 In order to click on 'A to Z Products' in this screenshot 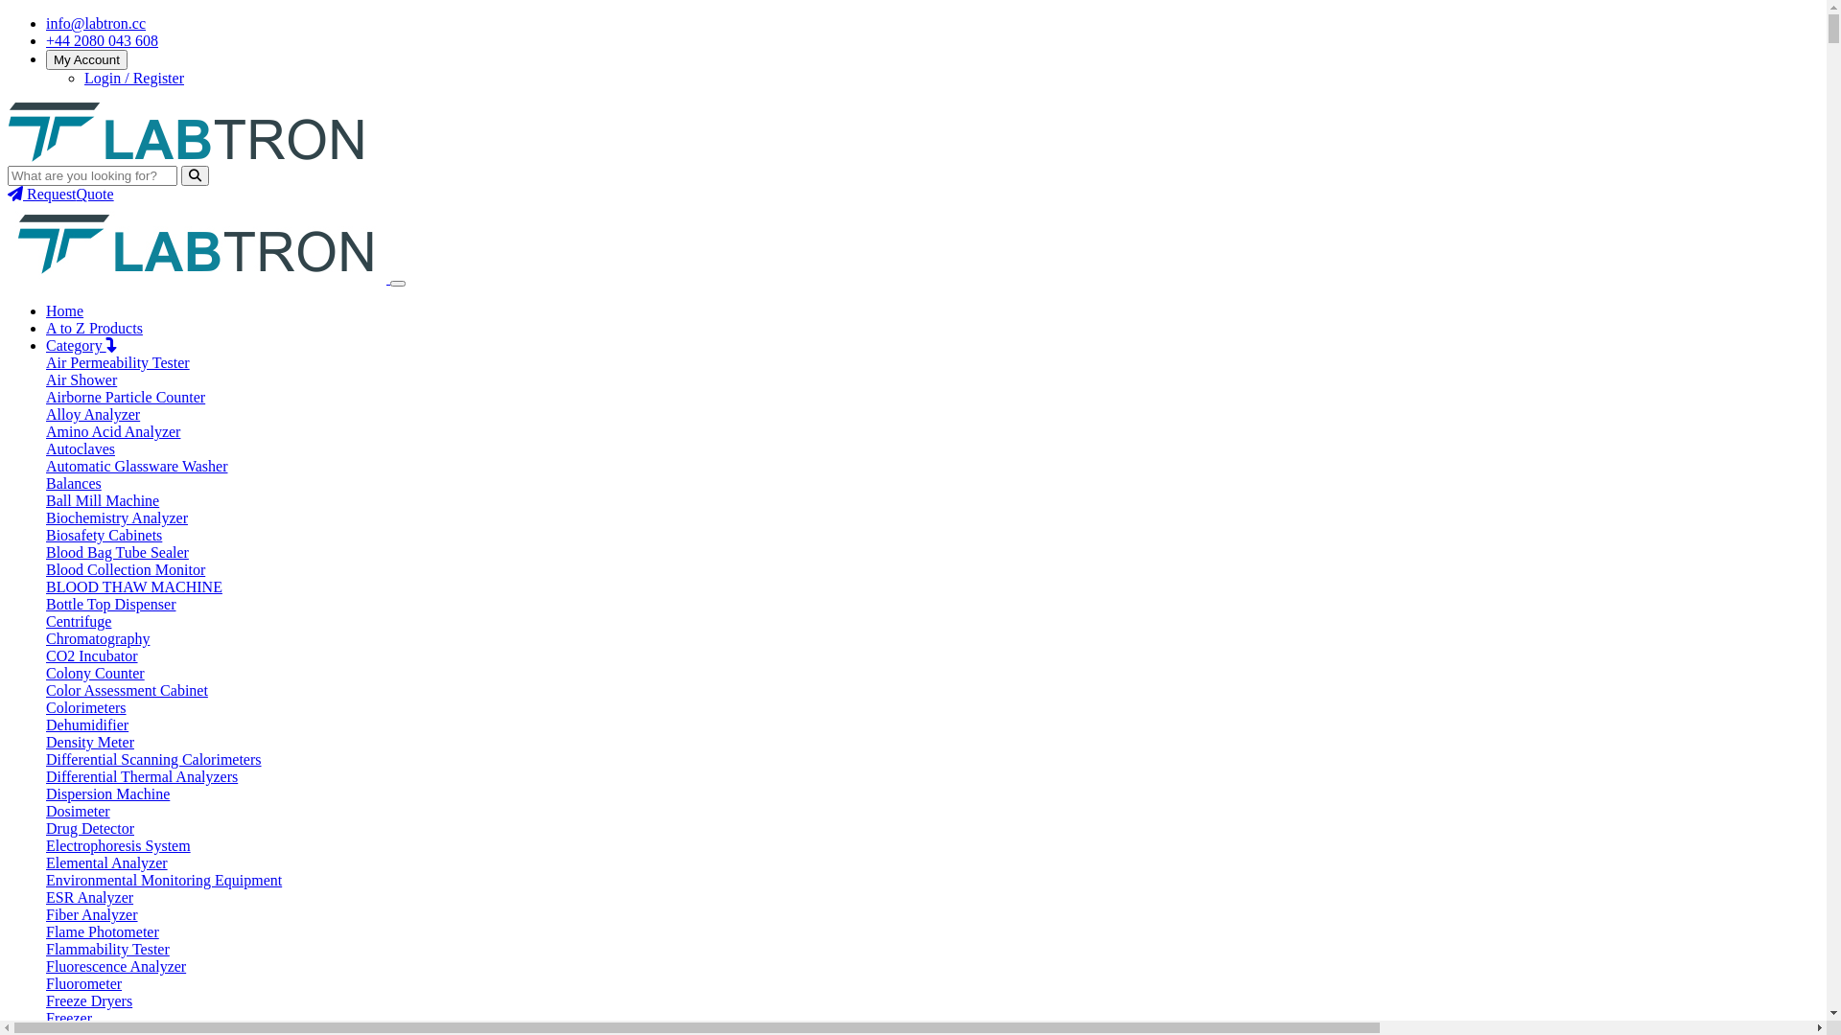, I will do `click(93, 327)`.